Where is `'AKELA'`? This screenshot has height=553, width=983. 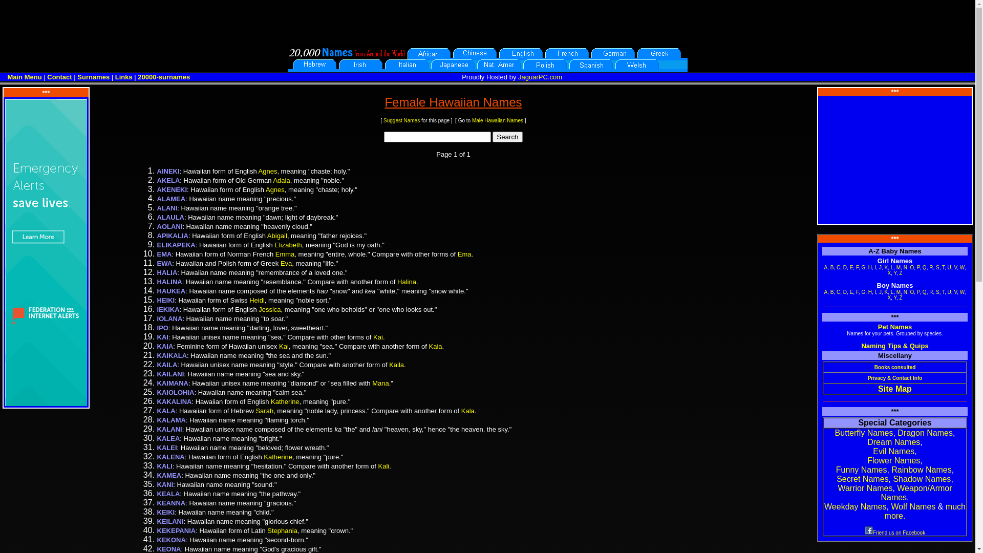 'AKELA' is located at coordinates (168, 180).